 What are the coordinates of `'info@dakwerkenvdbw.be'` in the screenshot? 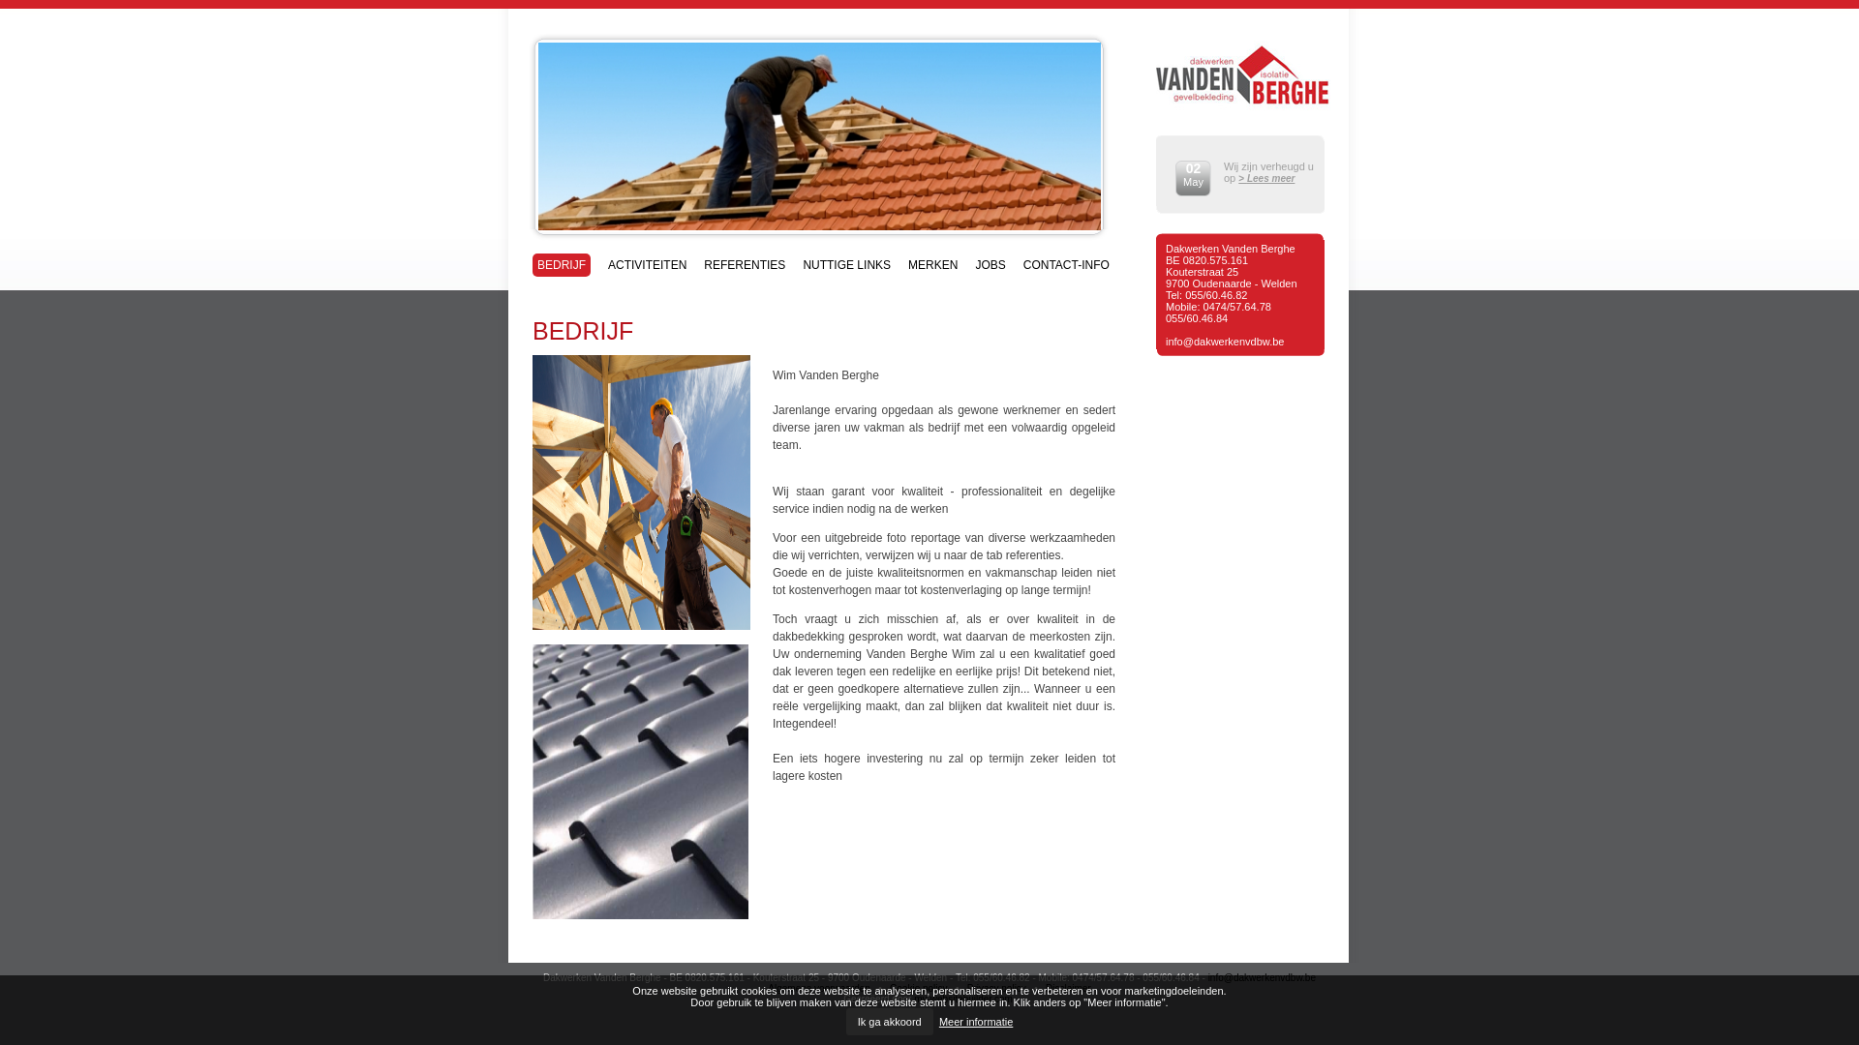 It's located at (1207, 977).